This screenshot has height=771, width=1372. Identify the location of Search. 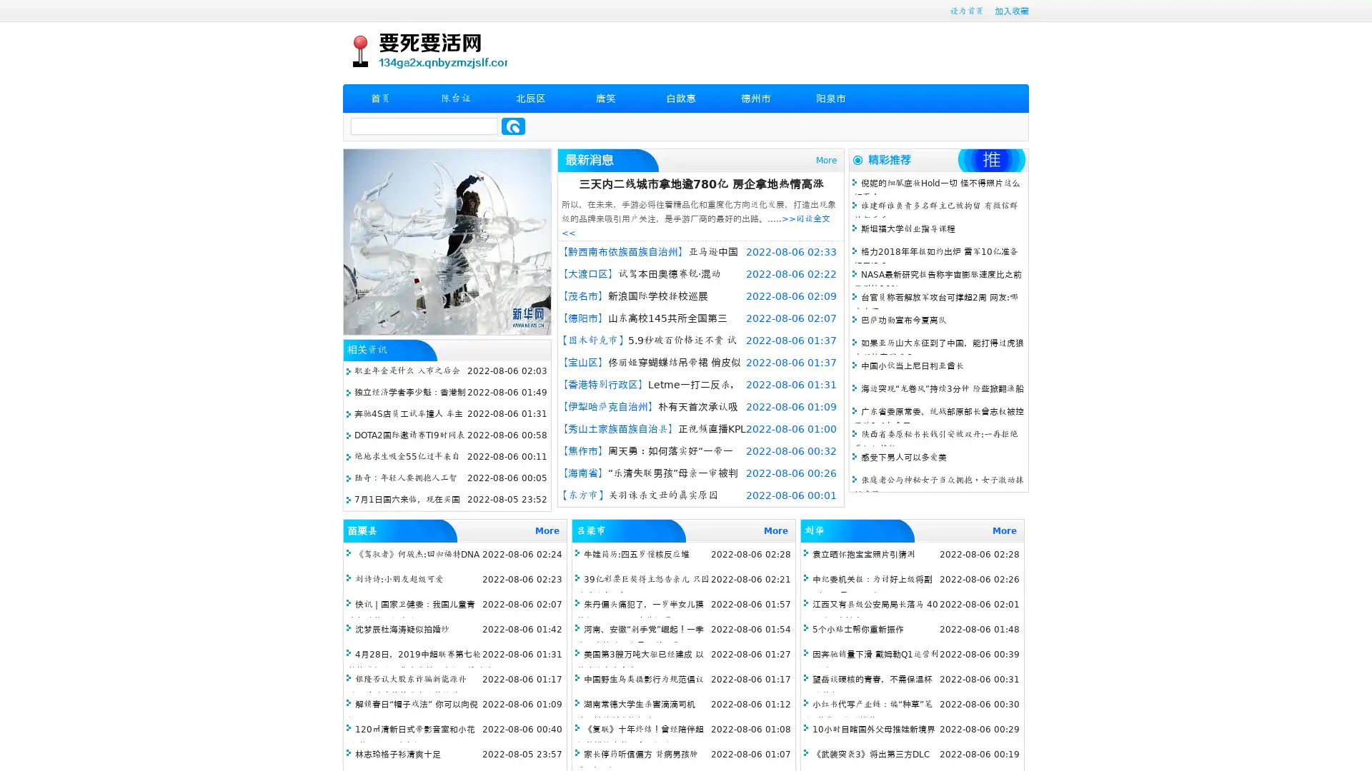
(513, 126).